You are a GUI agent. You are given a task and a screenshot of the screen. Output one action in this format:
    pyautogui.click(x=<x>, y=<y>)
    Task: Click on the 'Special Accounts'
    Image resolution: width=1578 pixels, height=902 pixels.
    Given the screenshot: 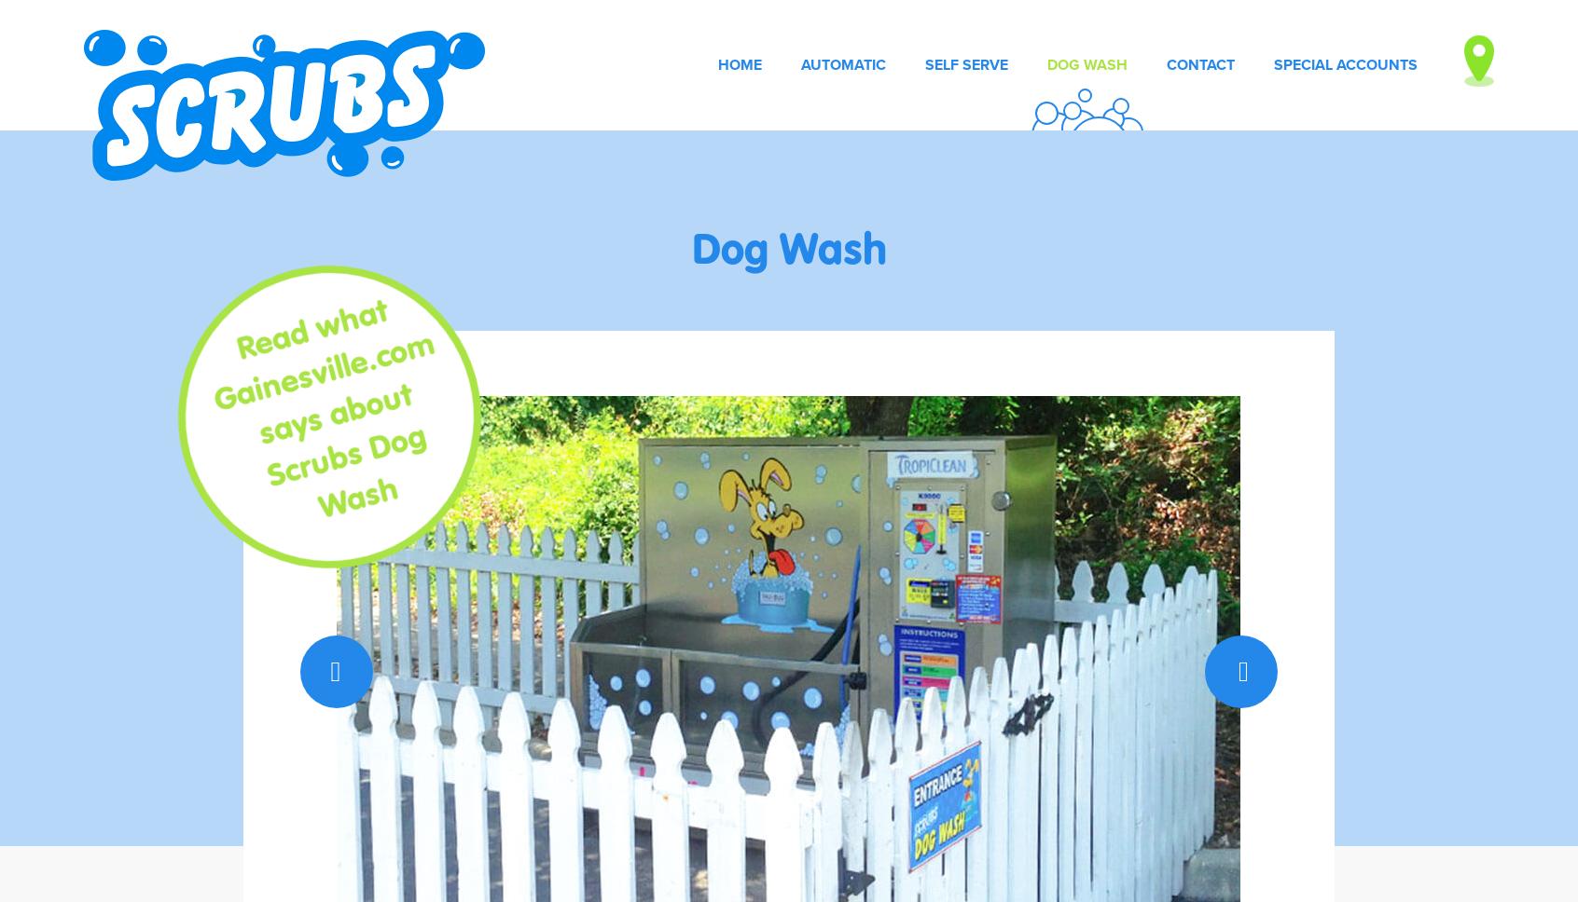 What is the action you would take?
    pyautogui.click(x=1273, y=63)
    